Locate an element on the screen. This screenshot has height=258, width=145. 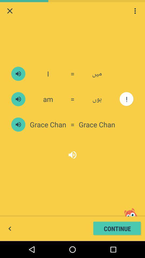
the volume icon is located at coordinates (73, 165).